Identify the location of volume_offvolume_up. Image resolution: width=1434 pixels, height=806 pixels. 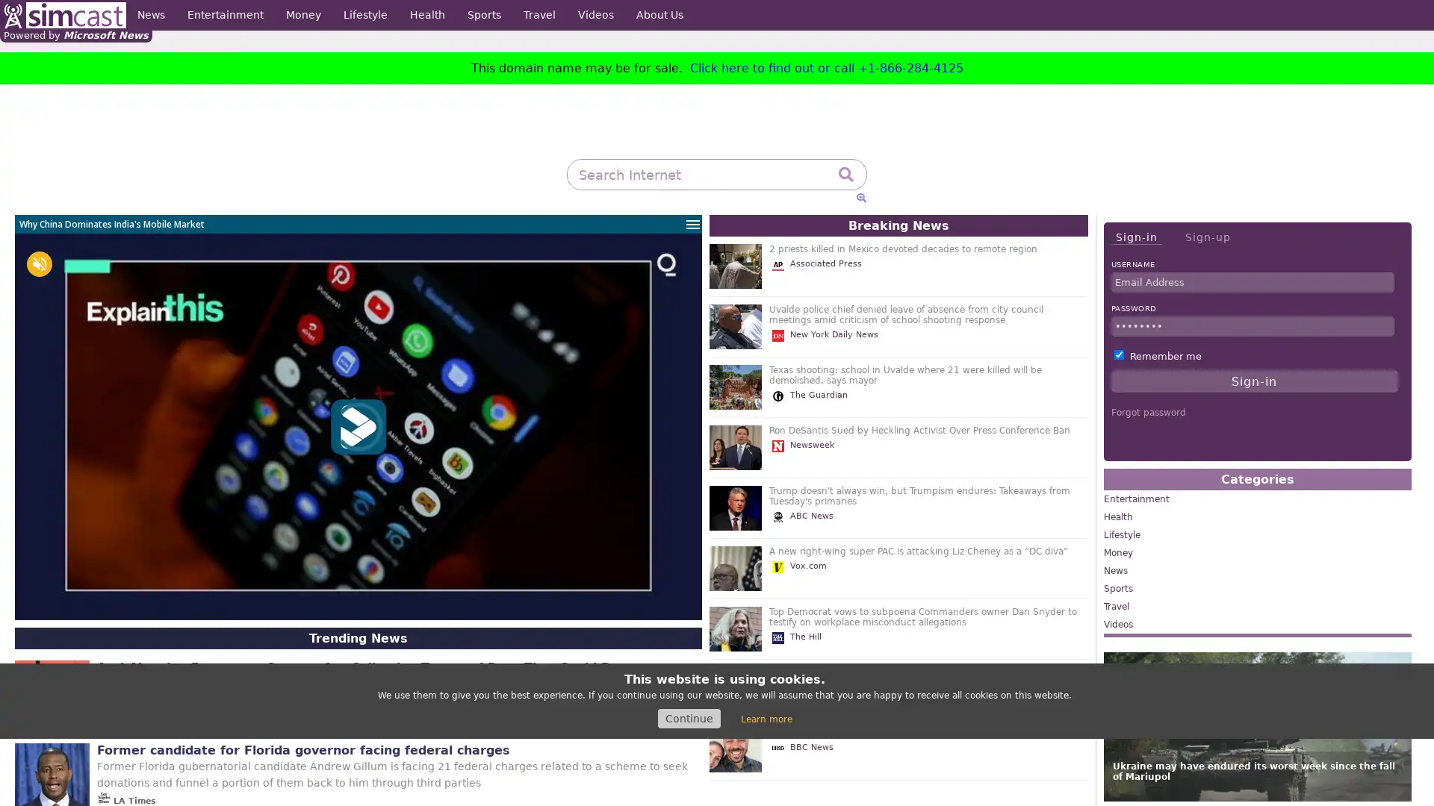
(39, 263).